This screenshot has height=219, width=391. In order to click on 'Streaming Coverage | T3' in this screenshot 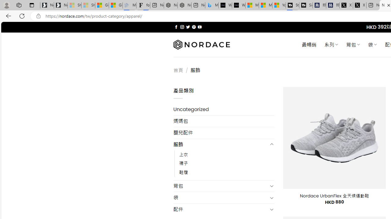, I will do `click(292, 5)`.